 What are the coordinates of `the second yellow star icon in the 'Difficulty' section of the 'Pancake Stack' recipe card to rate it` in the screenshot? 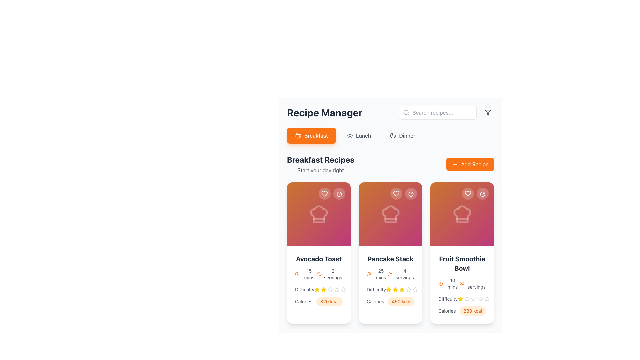 It's located at (401, 289).